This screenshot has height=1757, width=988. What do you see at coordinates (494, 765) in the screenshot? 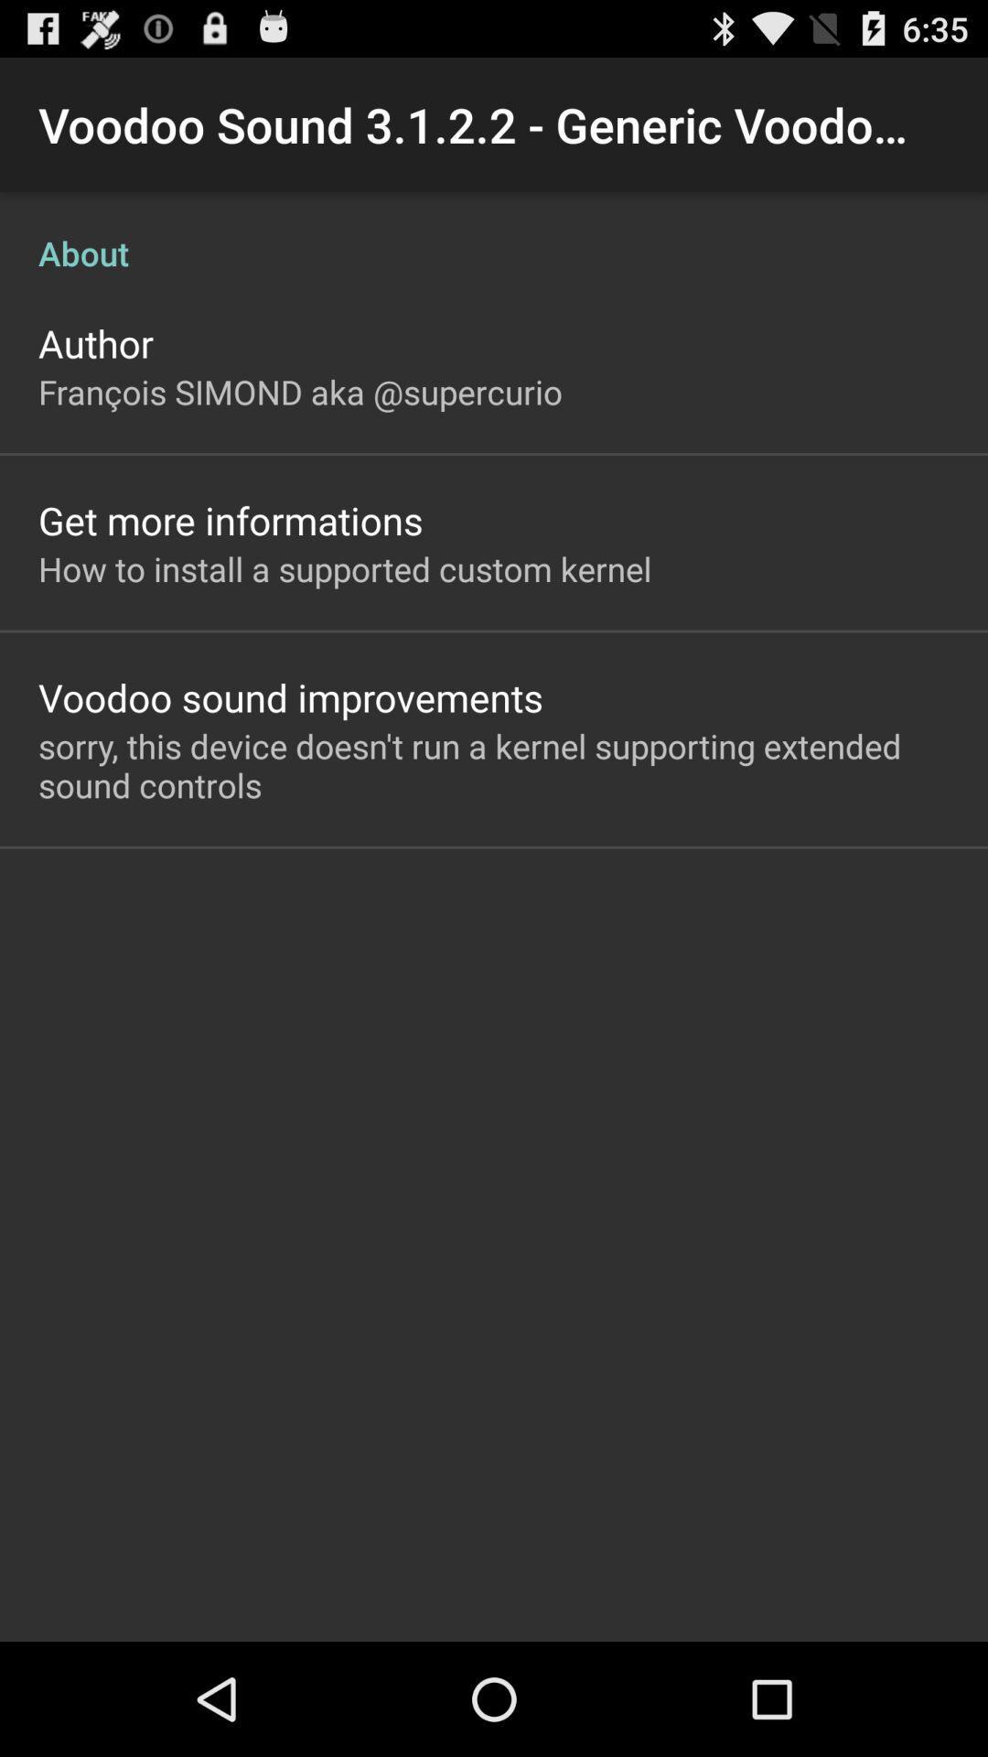
I see `the sorry this device app` at bounding box center [494, 765].